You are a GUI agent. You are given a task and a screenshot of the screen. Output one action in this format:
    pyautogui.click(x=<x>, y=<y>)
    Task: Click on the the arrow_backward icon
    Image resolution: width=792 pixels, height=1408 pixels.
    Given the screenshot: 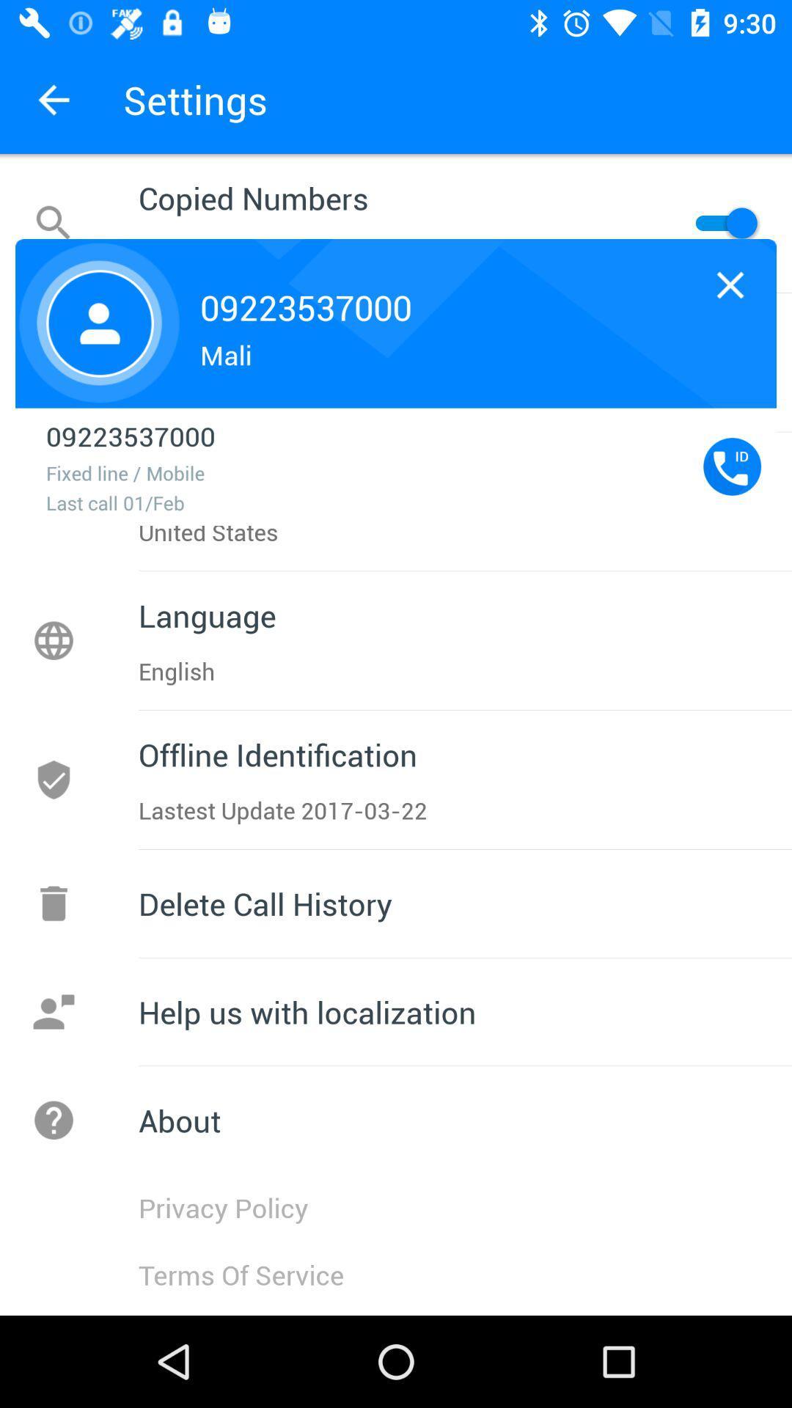 What is the action you would take?
    pyautogui.click(x=53, y=99)
    